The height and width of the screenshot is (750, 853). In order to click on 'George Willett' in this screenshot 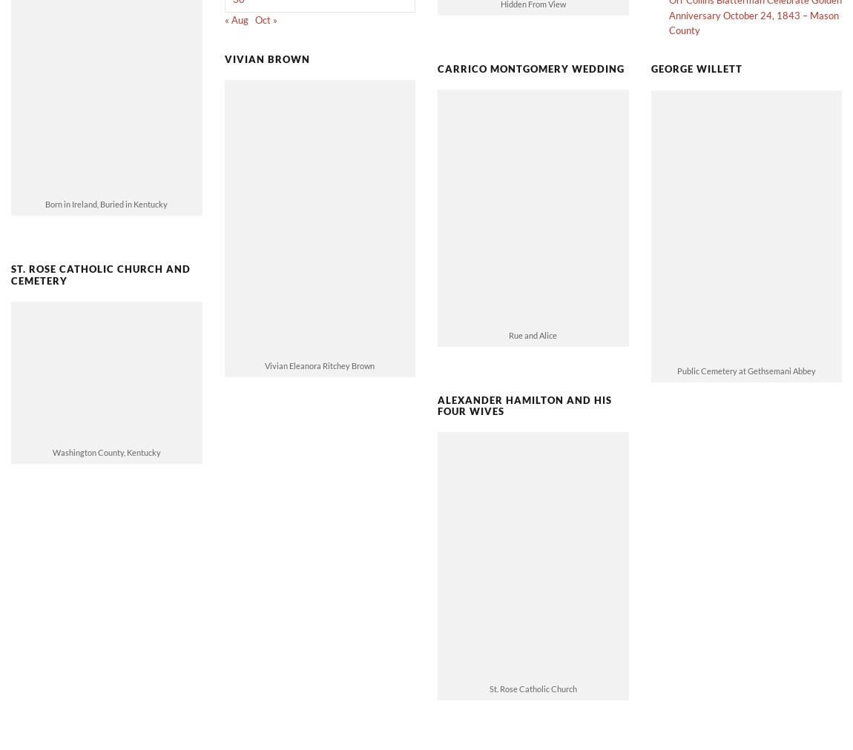, I will do `click(696, 44)`.